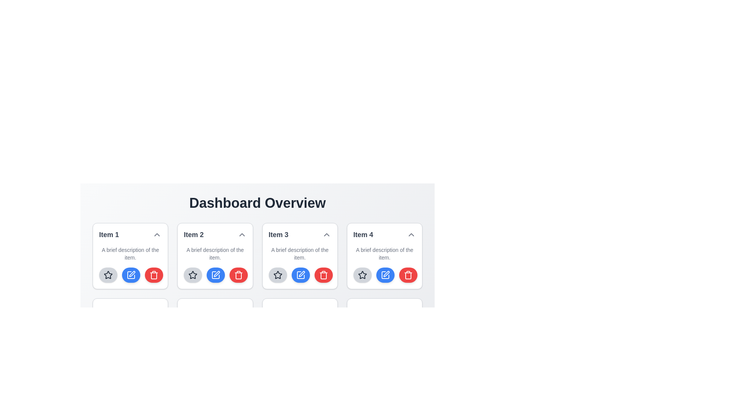  What do you see at coordinates (108, 275) in the screenshot?
I see `the star icon button located in the bottom row of the 'Item 1' card` at bounding box center [108, 275].